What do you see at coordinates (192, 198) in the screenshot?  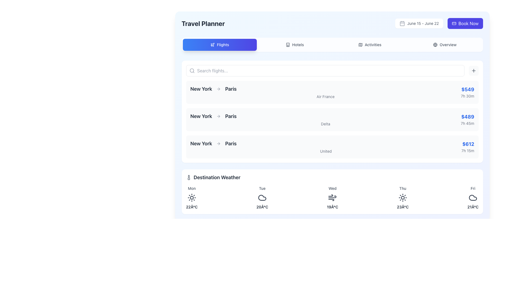 I see `the decorative sun icon in the 'Destination Weather' section beneath the 'Mon' column, which is represented by a central circular shape` at bounding box center [192, 198].